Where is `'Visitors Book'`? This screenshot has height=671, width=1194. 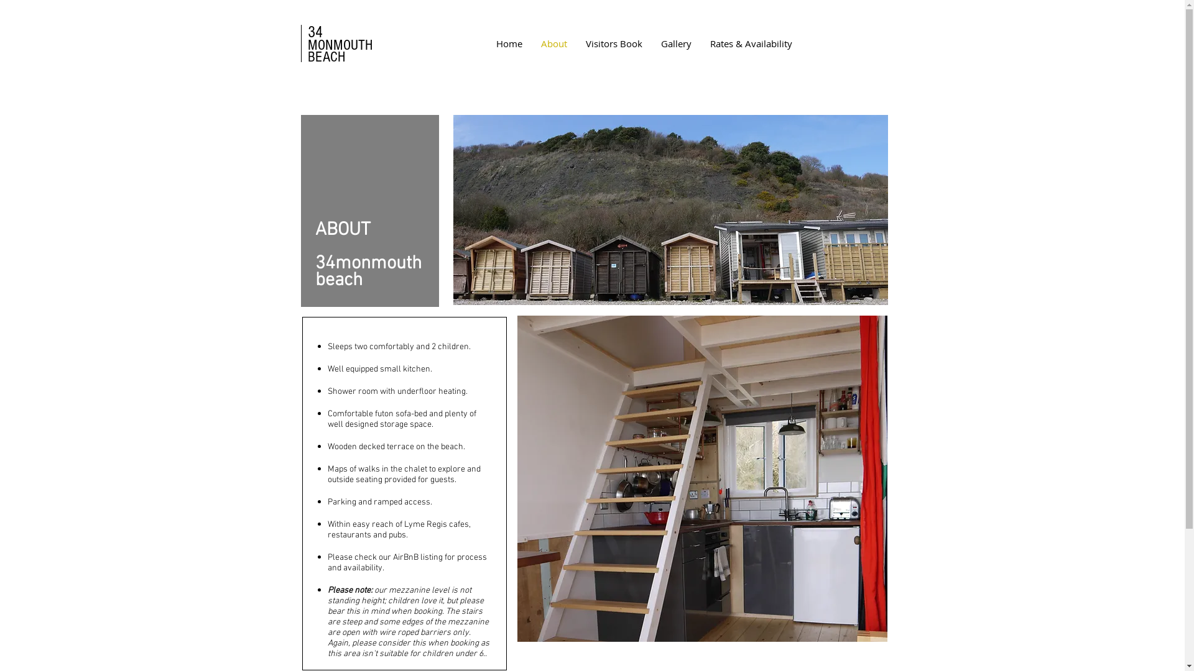 'Visitors Book' is located at coordinates (613, 42).